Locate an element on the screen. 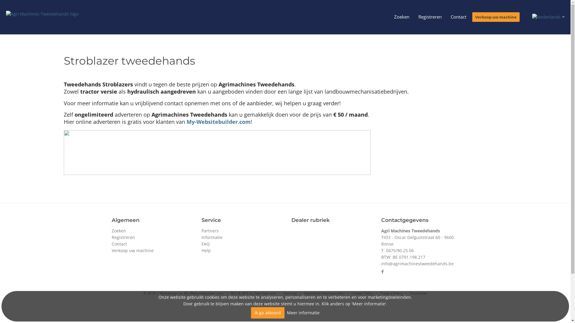  'Zoeken' is located at coordinates (402, 17).